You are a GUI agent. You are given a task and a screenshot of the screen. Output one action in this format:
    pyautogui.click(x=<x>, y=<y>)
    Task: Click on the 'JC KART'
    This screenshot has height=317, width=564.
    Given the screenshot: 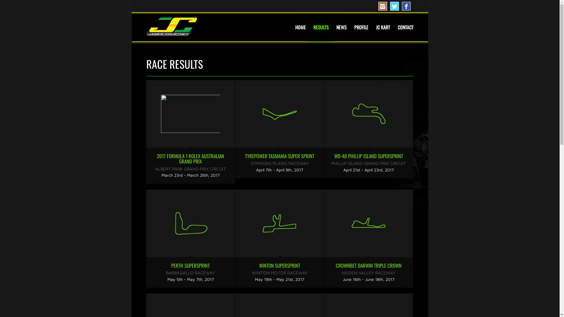 What is the action you would take?
    pyautogui.click(x=382, y=27)
    